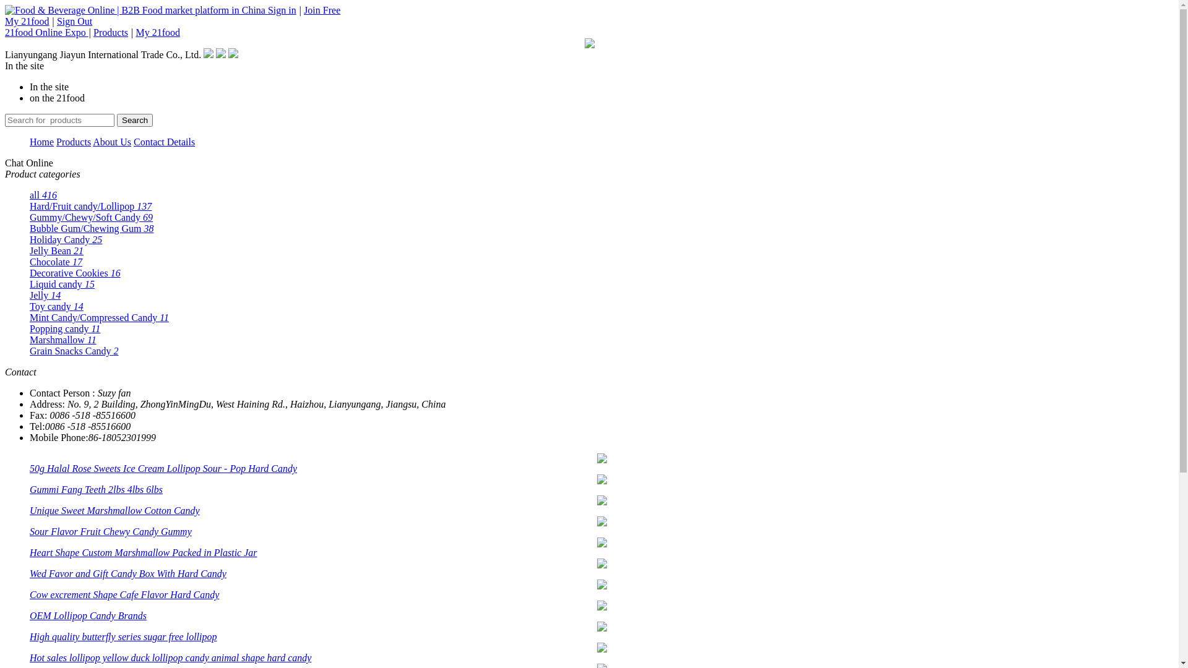  I want to click on 'Grain Snacks Candy 2', so click(30, 351).